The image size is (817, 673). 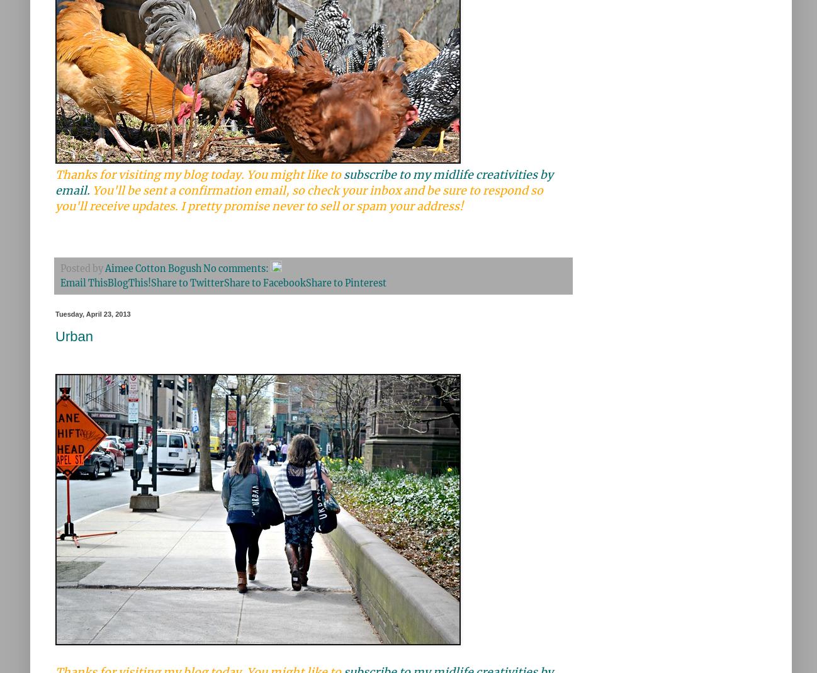 I want to click on 'No comments:', so click(x=237, y=268).